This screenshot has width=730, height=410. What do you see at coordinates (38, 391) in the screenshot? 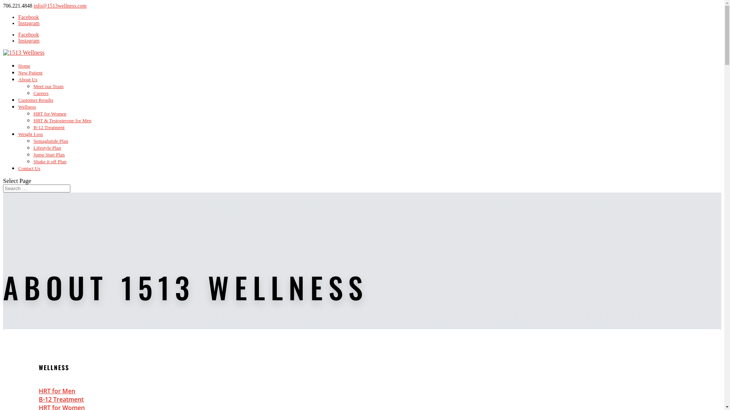
I see `'HRT for Men'` at bounding box center [38, 391].